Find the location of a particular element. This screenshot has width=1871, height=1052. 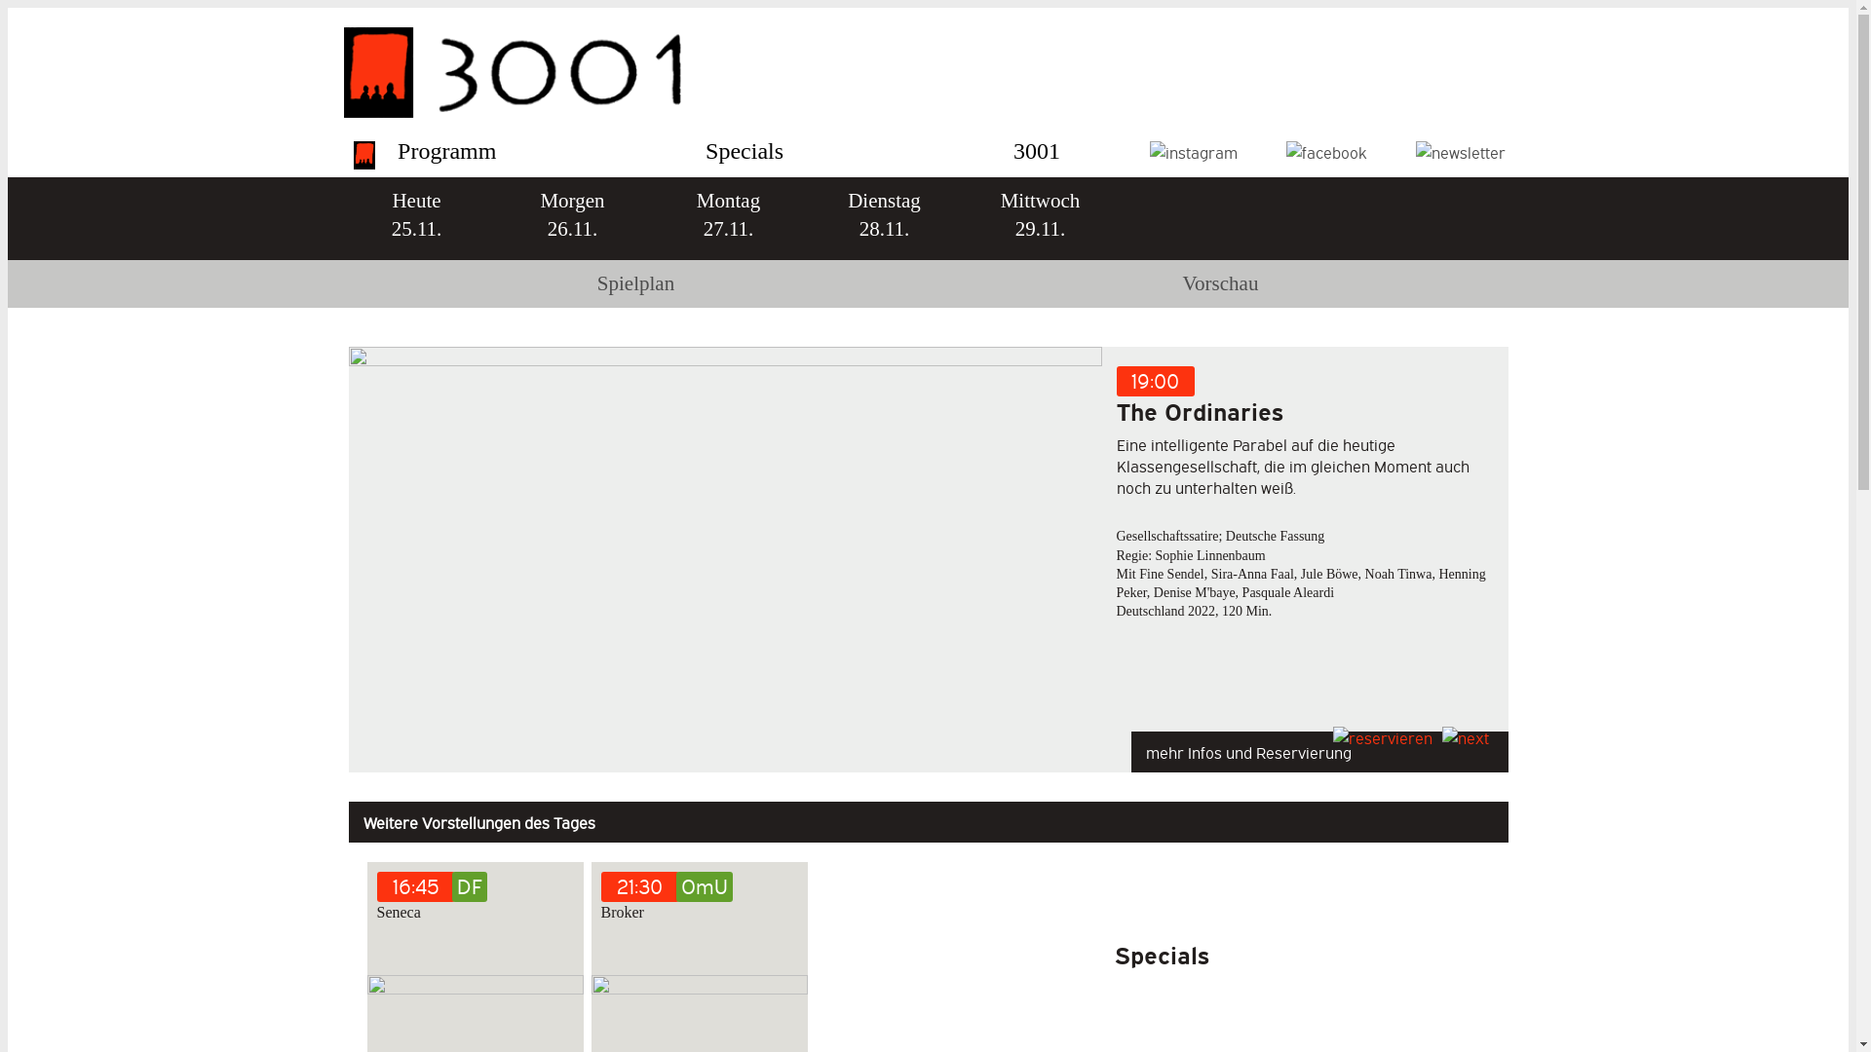

'Morgen is located at coordinates (570, 218).